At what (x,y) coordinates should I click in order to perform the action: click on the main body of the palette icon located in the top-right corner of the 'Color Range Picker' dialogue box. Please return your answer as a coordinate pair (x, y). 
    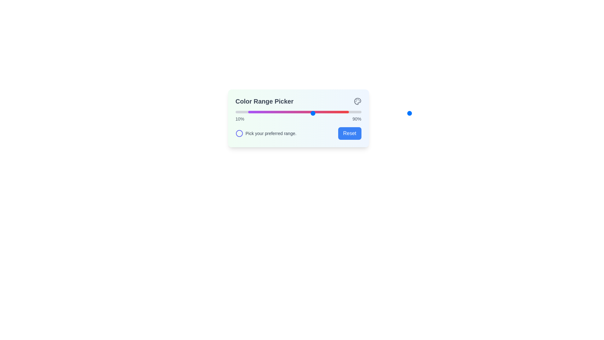
    Looking at the image, I should click on (357, 101).